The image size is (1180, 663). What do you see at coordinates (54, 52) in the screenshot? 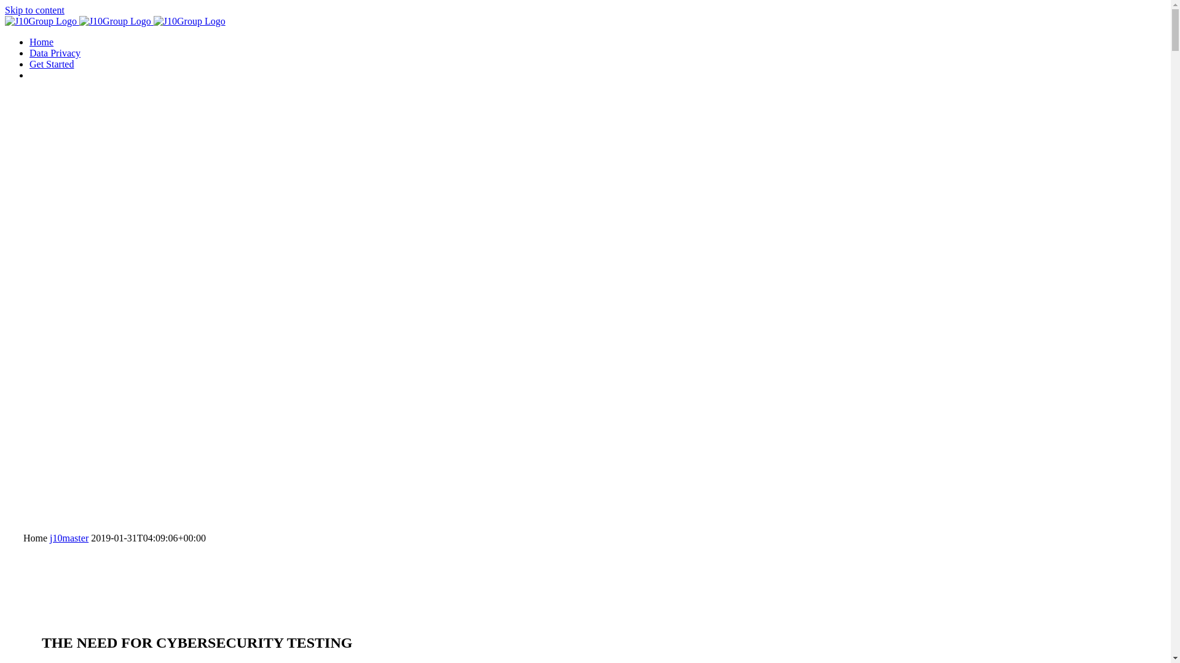
I see `'Data Privacy'` at bounding box center [54, 52].